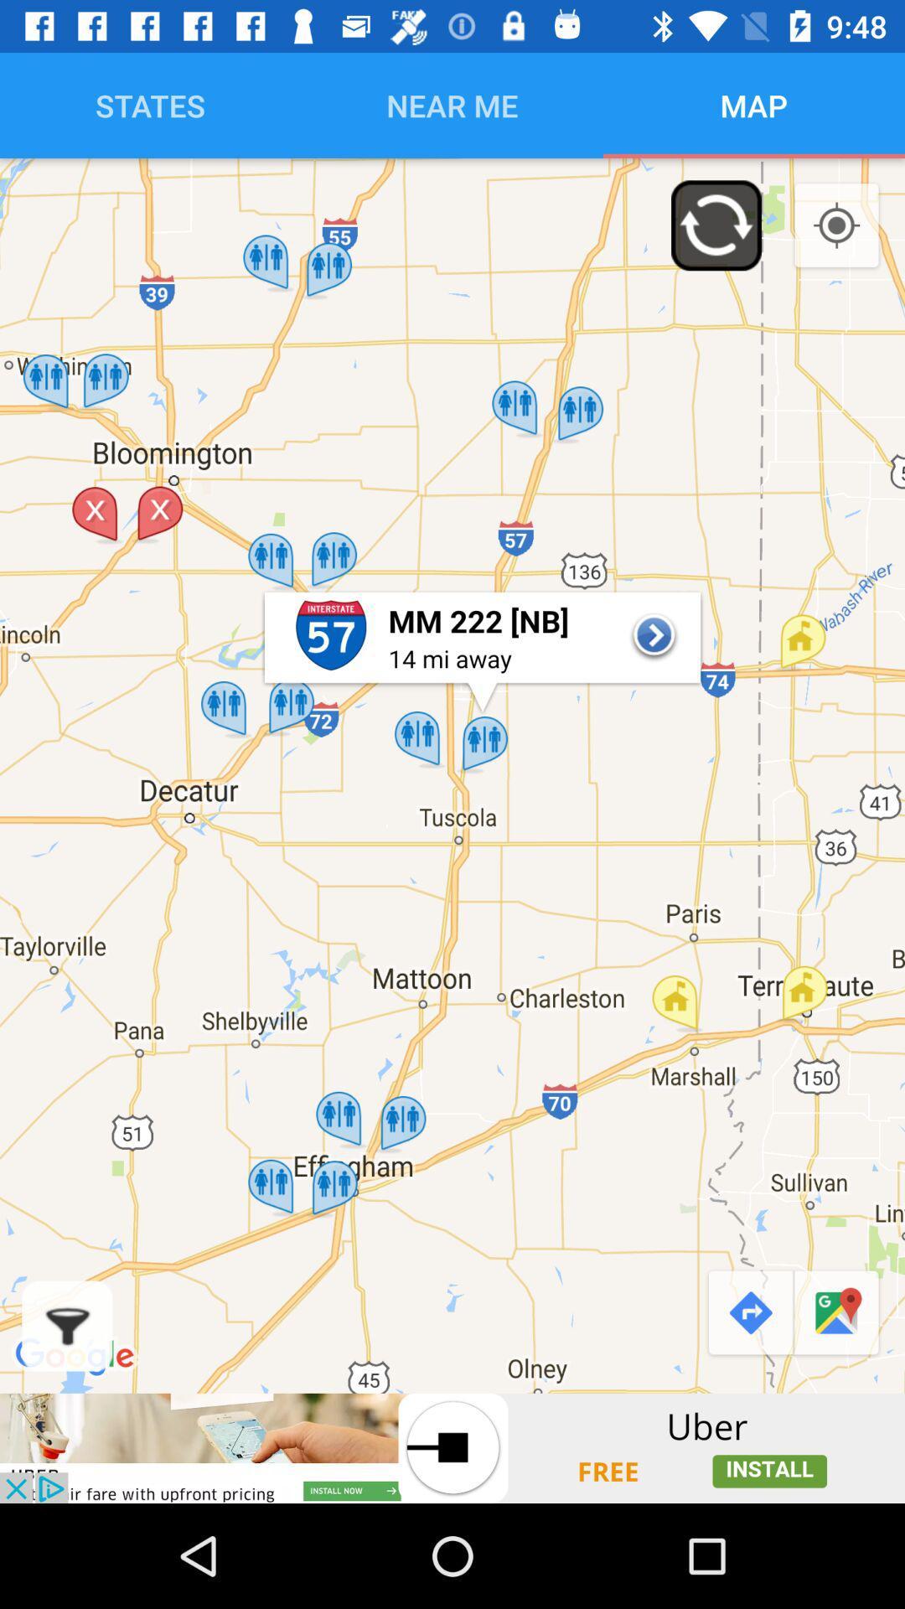  Describe the element at coordinates (836, 225) in the screenshot. I see `the location_crosshair icon` at that location.